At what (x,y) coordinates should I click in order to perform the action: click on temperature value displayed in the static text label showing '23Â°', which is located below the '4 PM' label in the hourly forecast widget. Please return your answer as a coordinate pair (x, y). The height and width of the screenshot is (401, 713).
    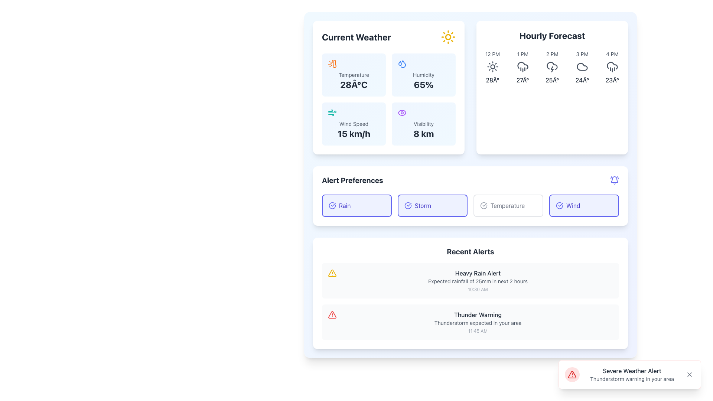
    Looking at the image, I should click on (612, 80).